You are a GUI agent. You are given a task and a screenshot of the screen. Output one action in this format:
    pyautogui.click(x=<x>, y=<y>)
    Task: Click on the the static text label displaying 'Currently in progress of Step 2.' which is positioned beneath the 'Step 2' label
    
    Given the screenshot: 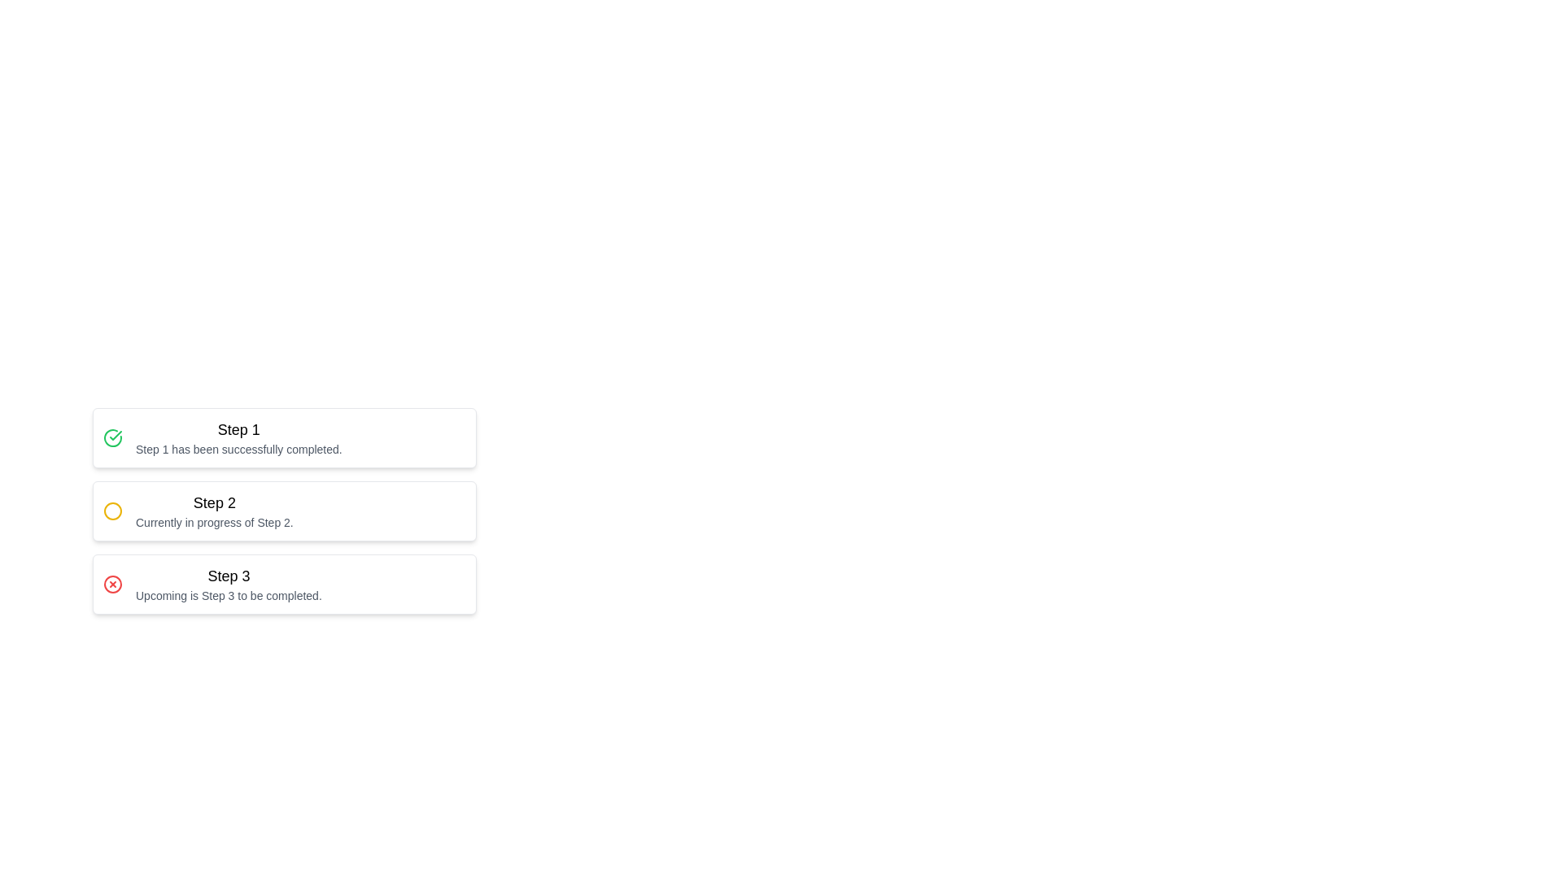 What is the action you would take?
    pyautogui.click(x=213, y=523)
    